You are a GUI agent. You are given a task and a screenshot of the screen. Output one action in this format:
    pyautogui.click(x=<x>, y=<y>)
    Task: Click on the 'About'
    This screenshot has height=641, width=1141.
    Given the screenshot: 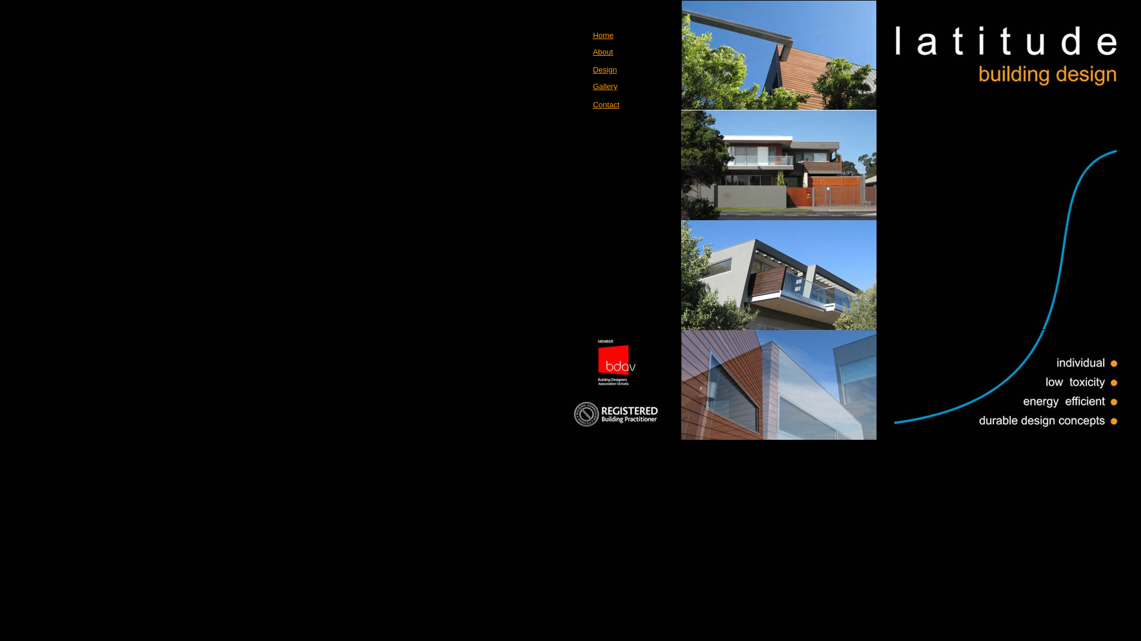 What is the action you would take?
    pyautogui.click(x=593, y=51)
    